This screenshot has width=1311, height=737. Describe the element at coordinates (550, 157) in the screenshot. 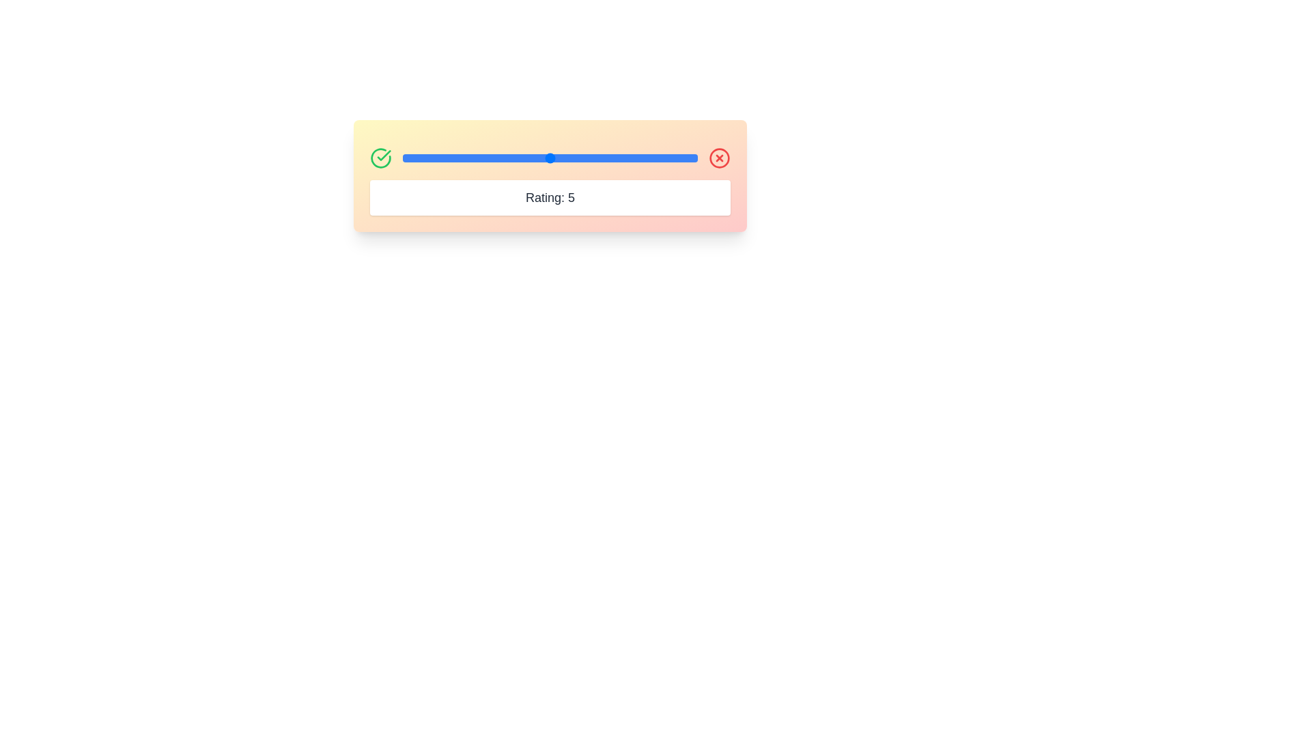

I see `the slider` at that location.